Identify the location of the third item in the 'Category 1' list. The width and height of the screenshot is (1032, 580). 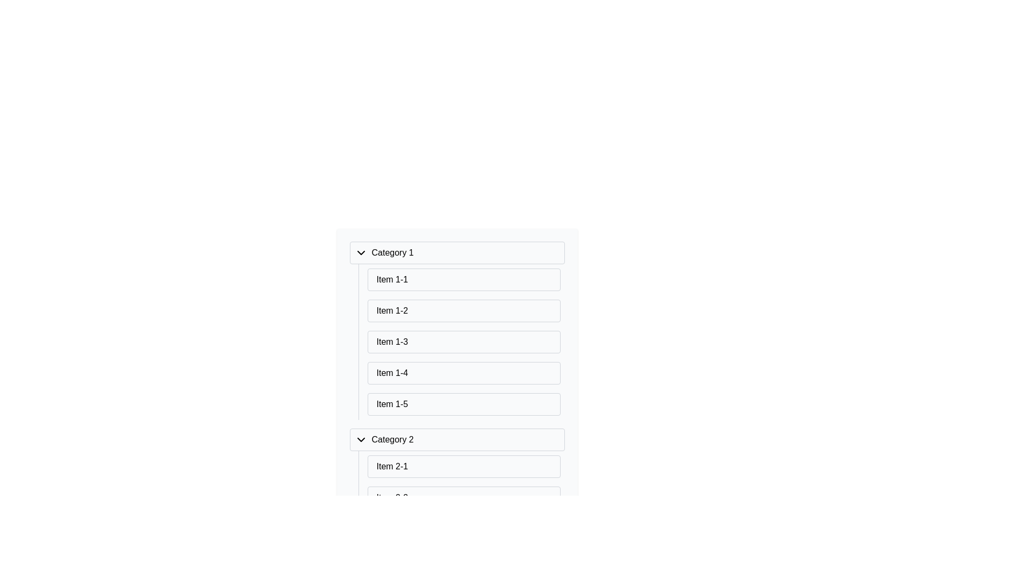
(464, 342).